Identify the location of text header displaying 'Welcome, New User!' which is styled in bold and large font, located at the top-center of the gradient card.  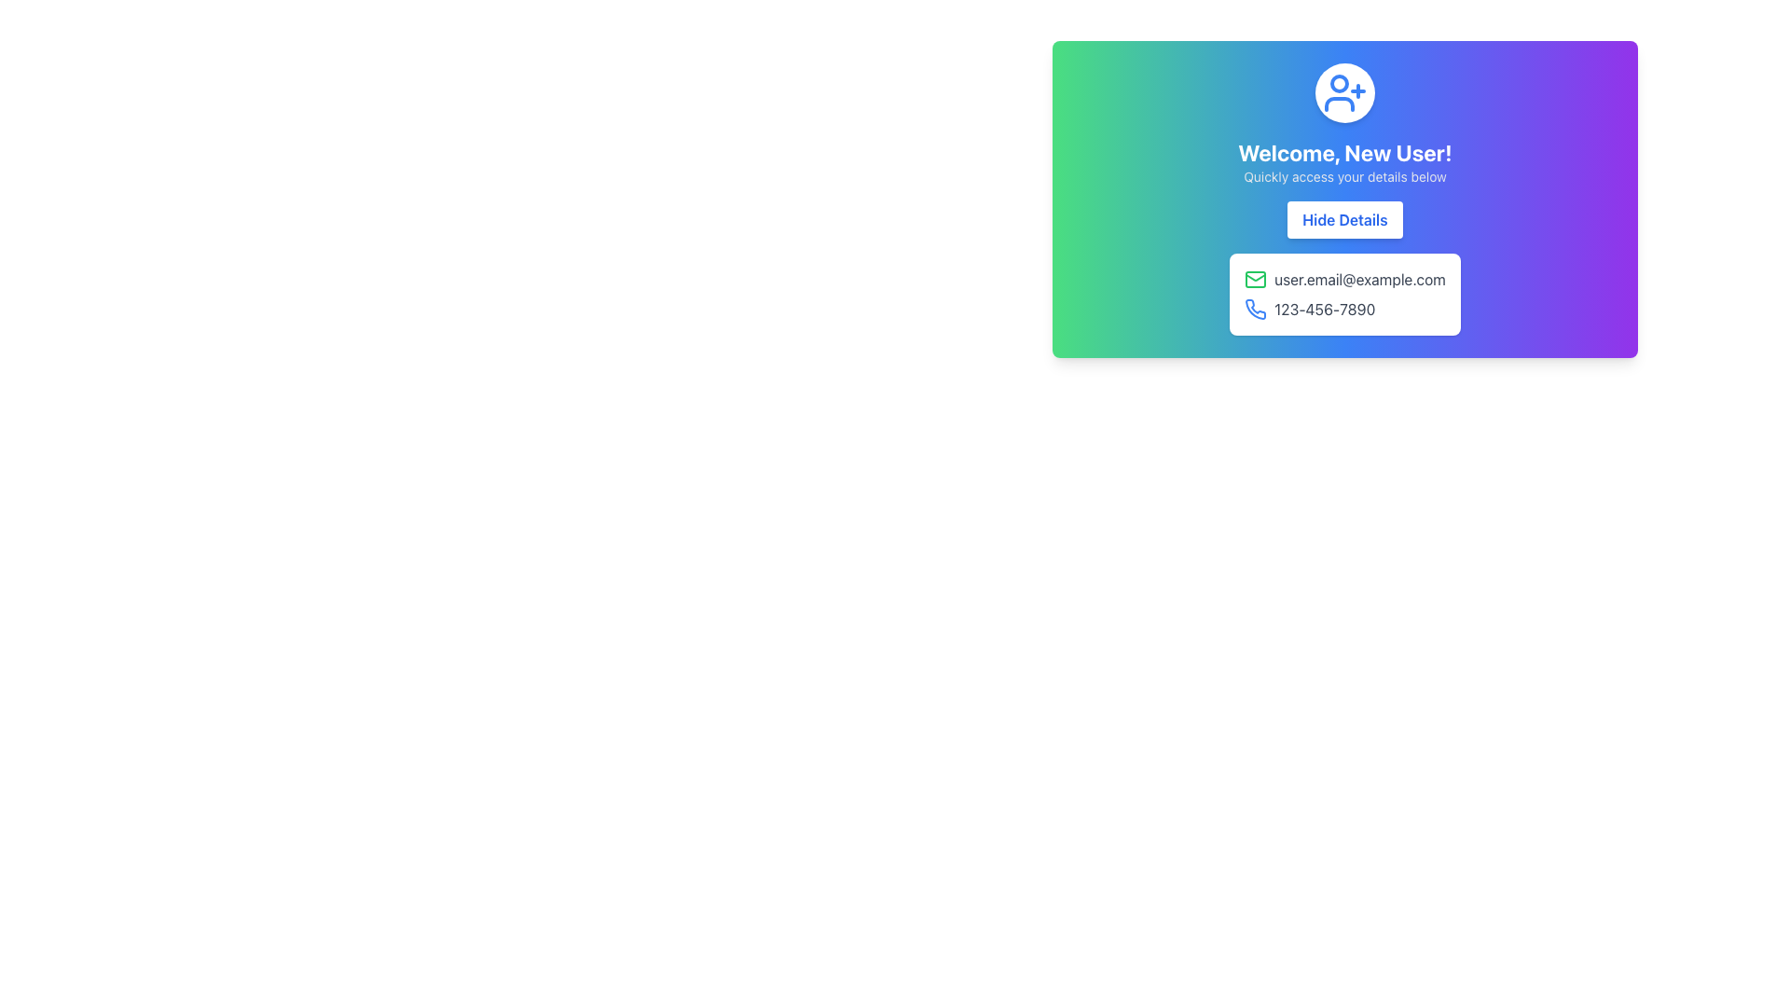
(1345, 152).